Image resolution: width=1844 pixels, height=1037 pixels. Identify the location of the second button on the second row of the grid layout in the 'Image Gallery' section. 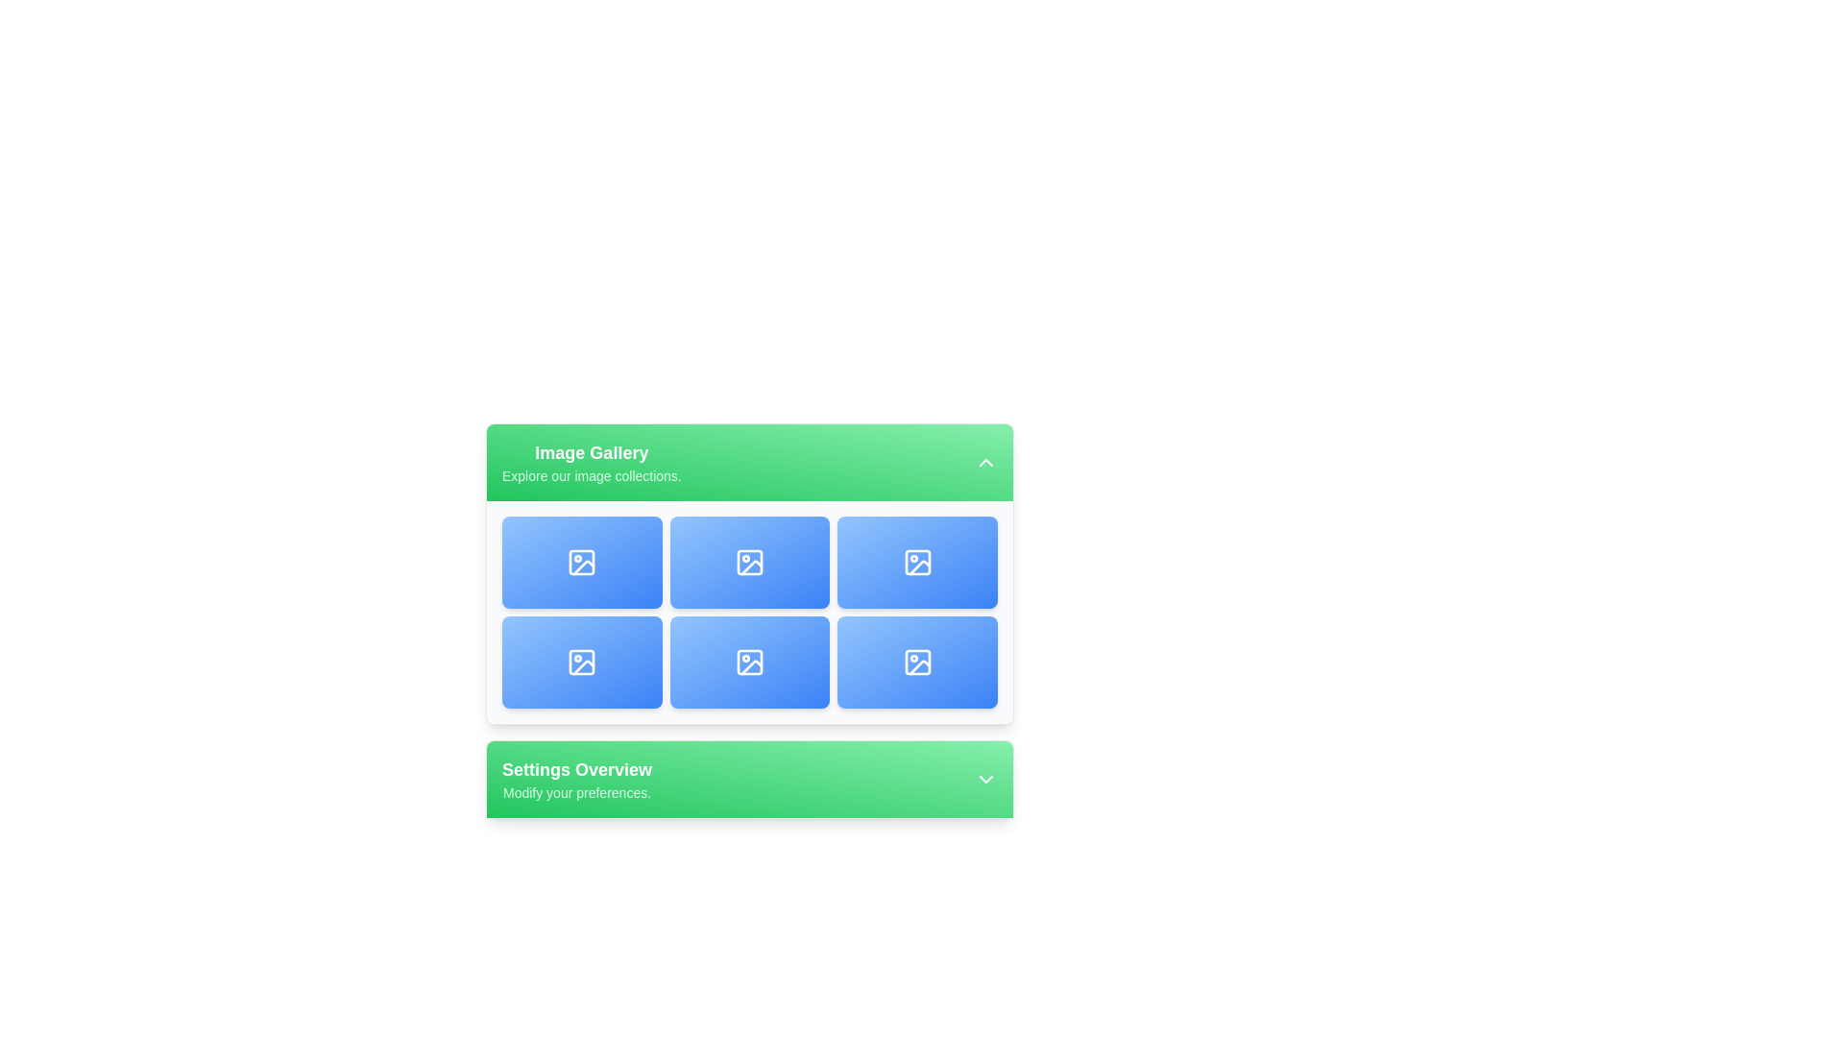
(581, 662).